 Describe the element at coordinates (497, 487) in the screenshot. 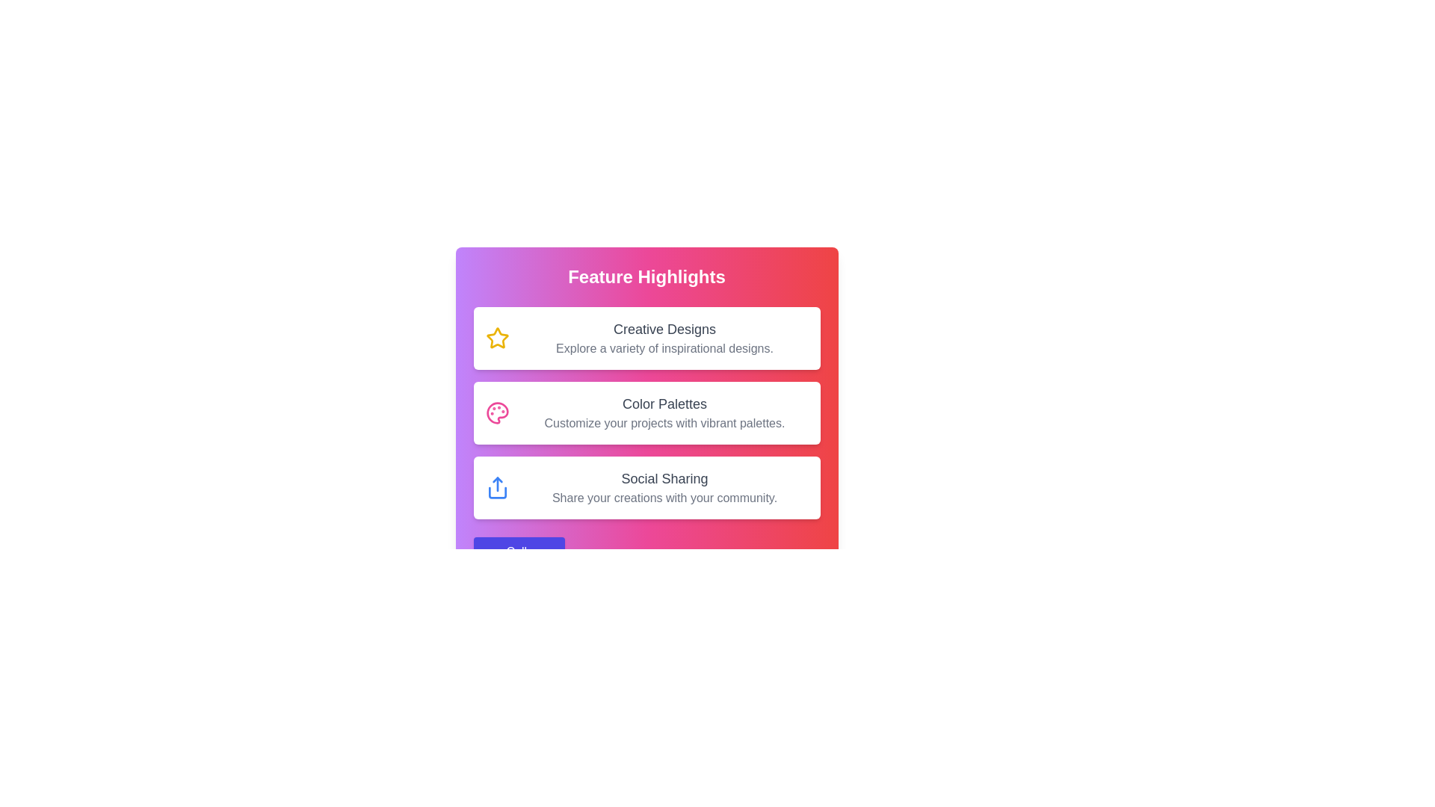

I see `the blue upward arrow icon representing the 'share' action, located on the left side of the 'Social Sharing' card in the 'Feature Highlights' section` at that location.